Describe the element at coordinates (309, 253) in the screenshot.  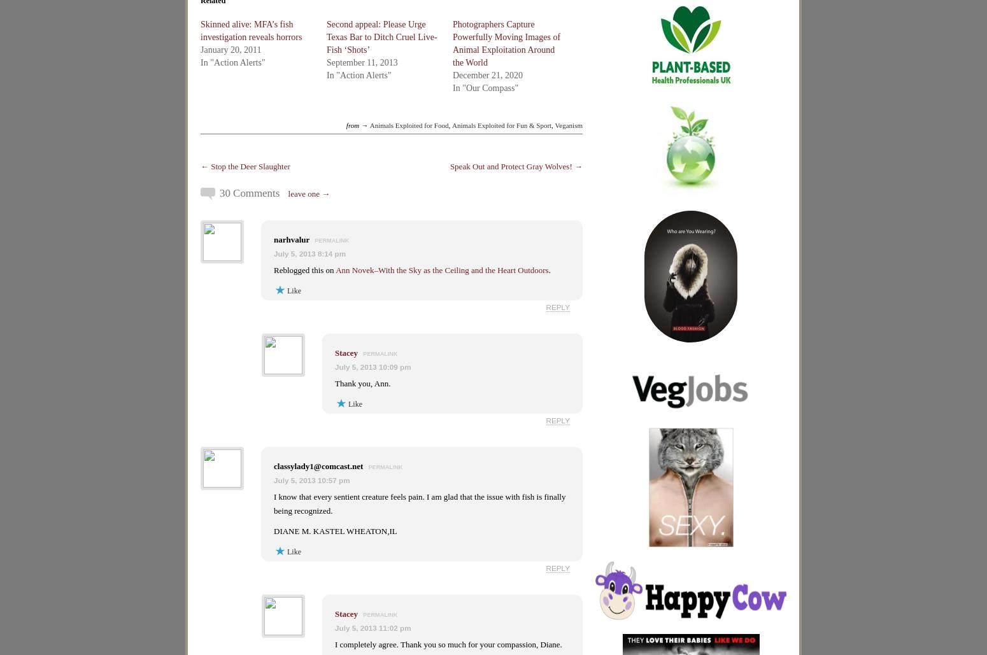
I see `'July 5, 2013 8:14 pm'` at that location.